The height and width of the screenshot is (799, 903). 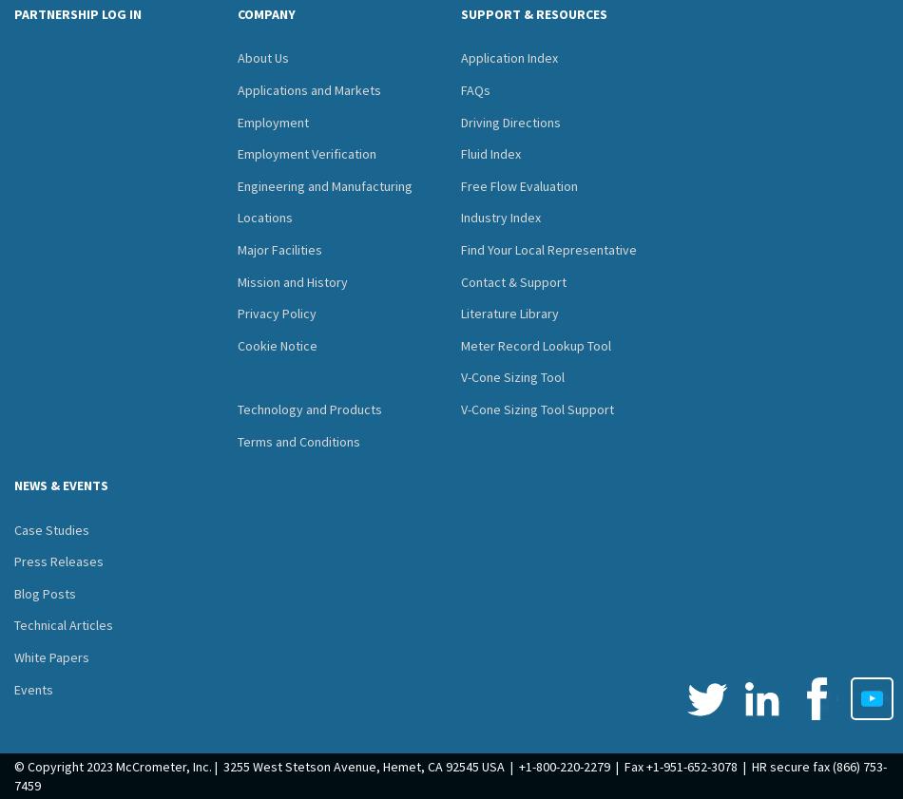 I want to click on 'NEWS & EVENTS', so click(x=61, y=485).